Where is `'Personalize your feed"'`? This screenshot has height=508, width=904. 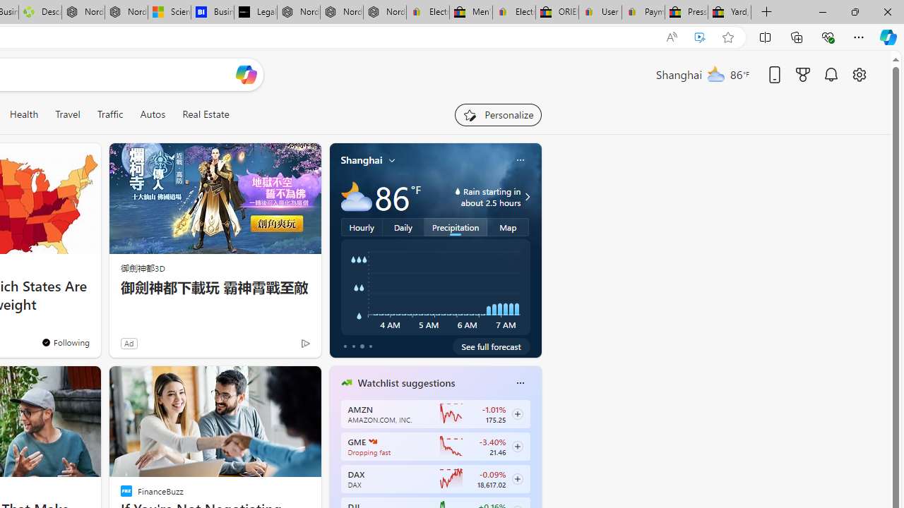
'Personalize your feed"' is located at coordinates (498, 114).